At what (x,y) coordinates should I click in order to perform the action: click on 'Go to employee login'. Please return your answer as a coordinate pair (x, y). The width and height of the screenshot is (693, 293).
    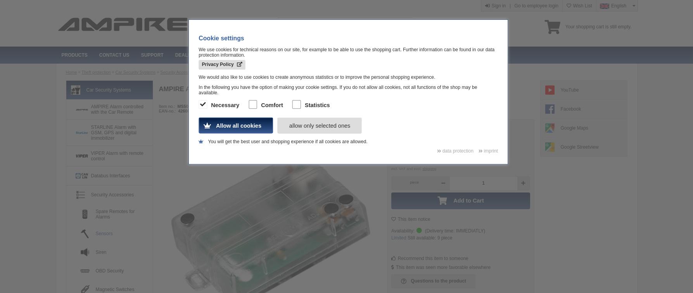
    Looking at the image, I should click on (536, 6).